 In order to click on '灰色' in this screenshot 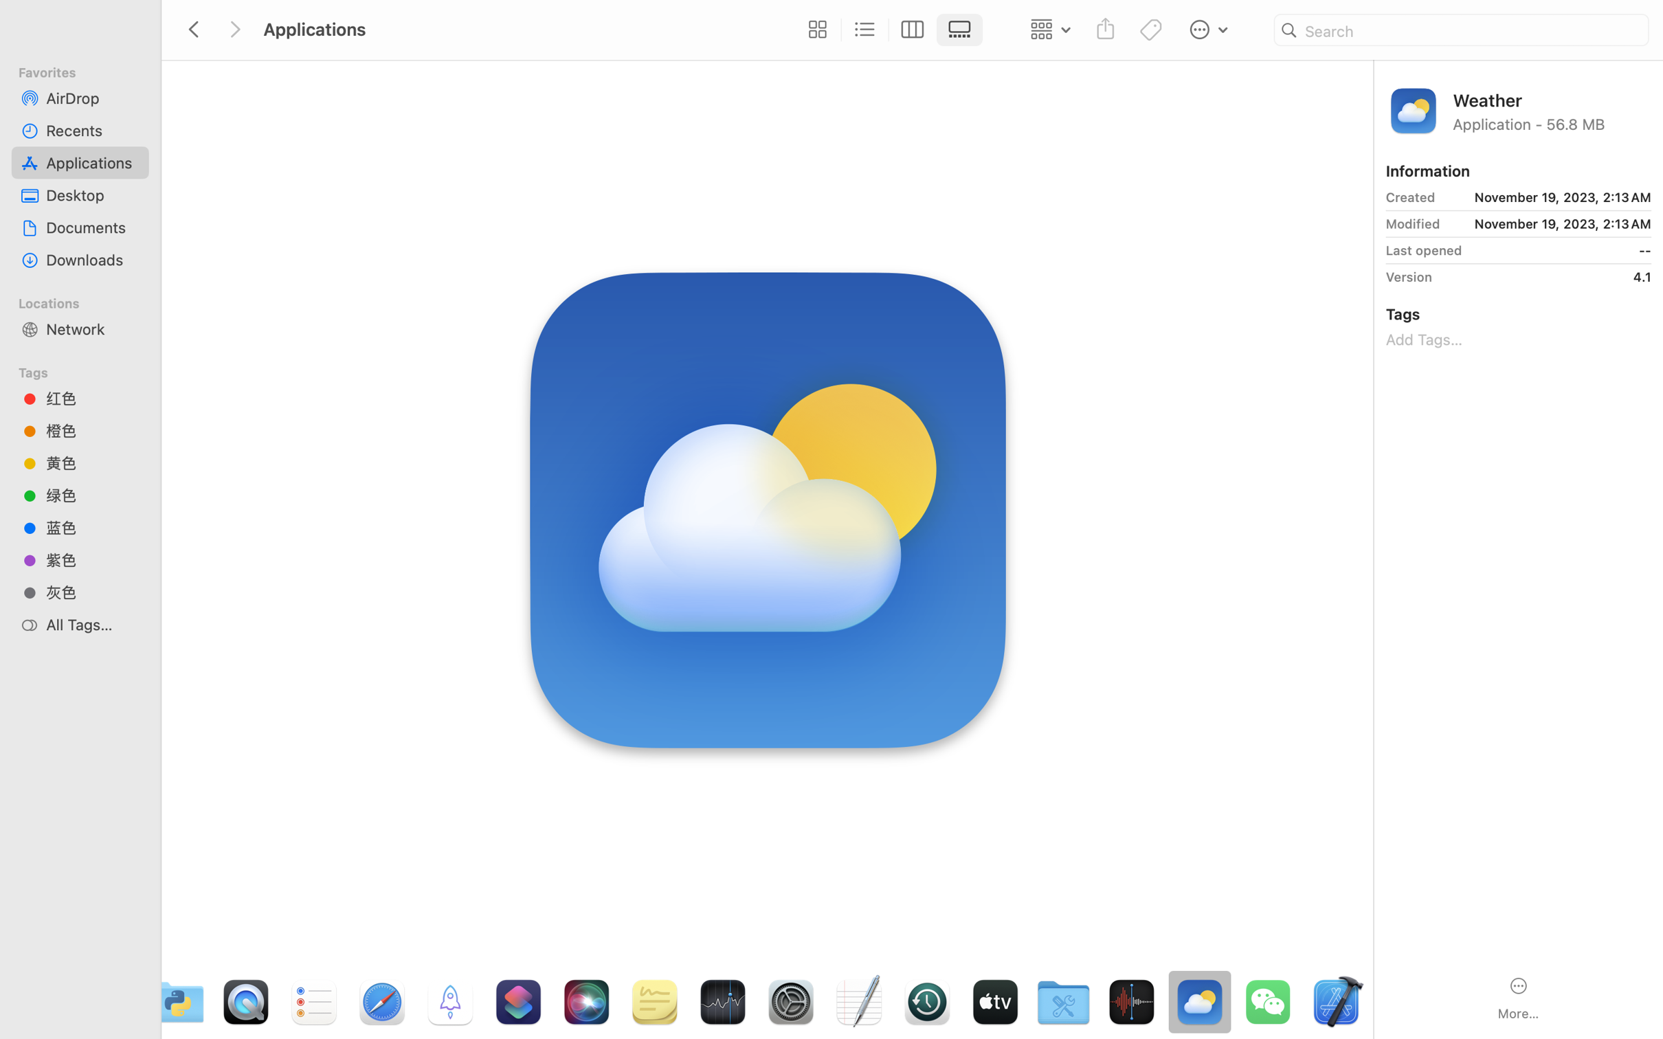, I will do `click(92, 592)`.